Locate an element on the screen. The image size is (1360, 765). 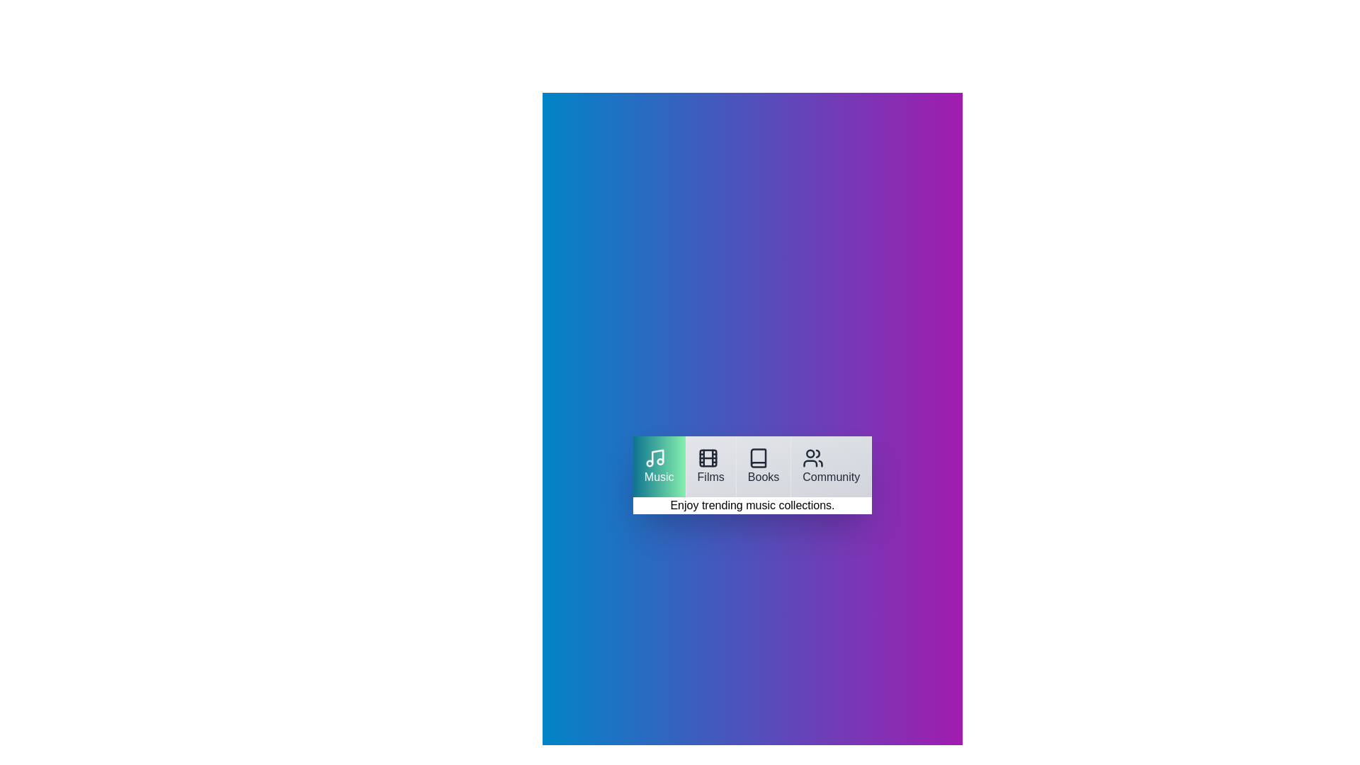
the small circle element within the 'Community' icon in the navigation bar is located at coordinates (810, 453).